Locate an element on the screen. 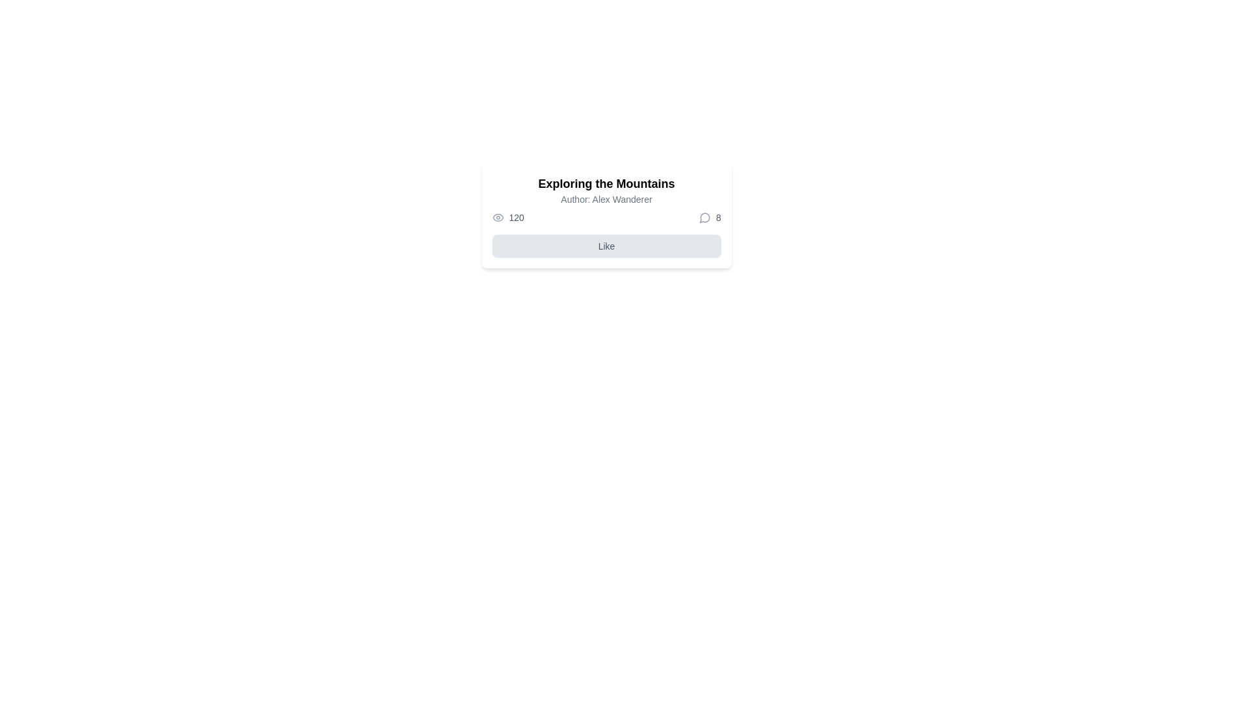 This screenshot has width=1249, height=702. the Text label displaying the number '120' in gray color, located near an eye icon on the left side, indicating a view count is located at coordinates (516, 217).